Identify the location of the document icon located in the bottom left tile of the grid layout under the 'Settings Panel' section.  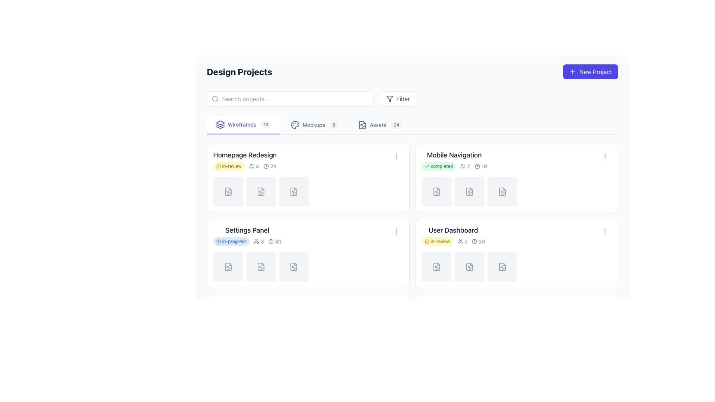
(293, 342).